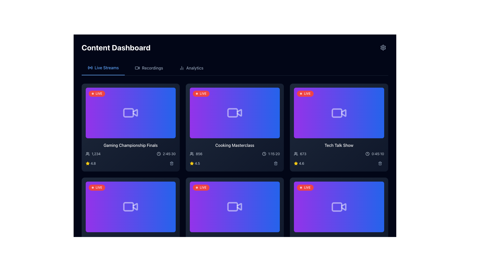  I want to click on the play button located at the bottom-right corner of the 'Tech Talk Show' card in the 'Content Dashboard' interface, so click(375, 129).